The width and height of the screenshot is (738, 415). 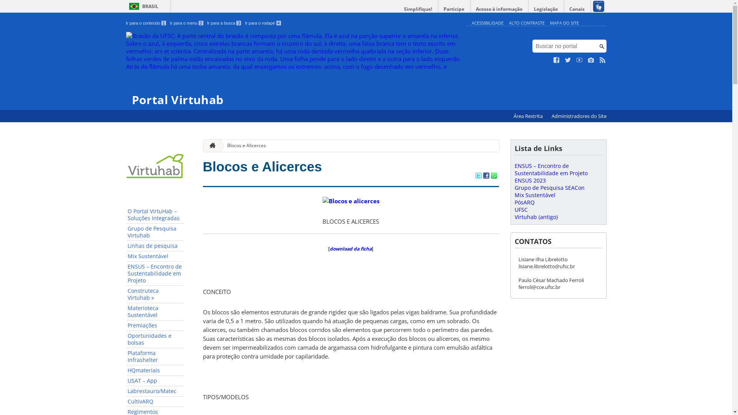 What do you see at coordinates (487, 22) in the screenshot?
I see `'ACESSIBILIDADE'` at bounding box center [487, 22].